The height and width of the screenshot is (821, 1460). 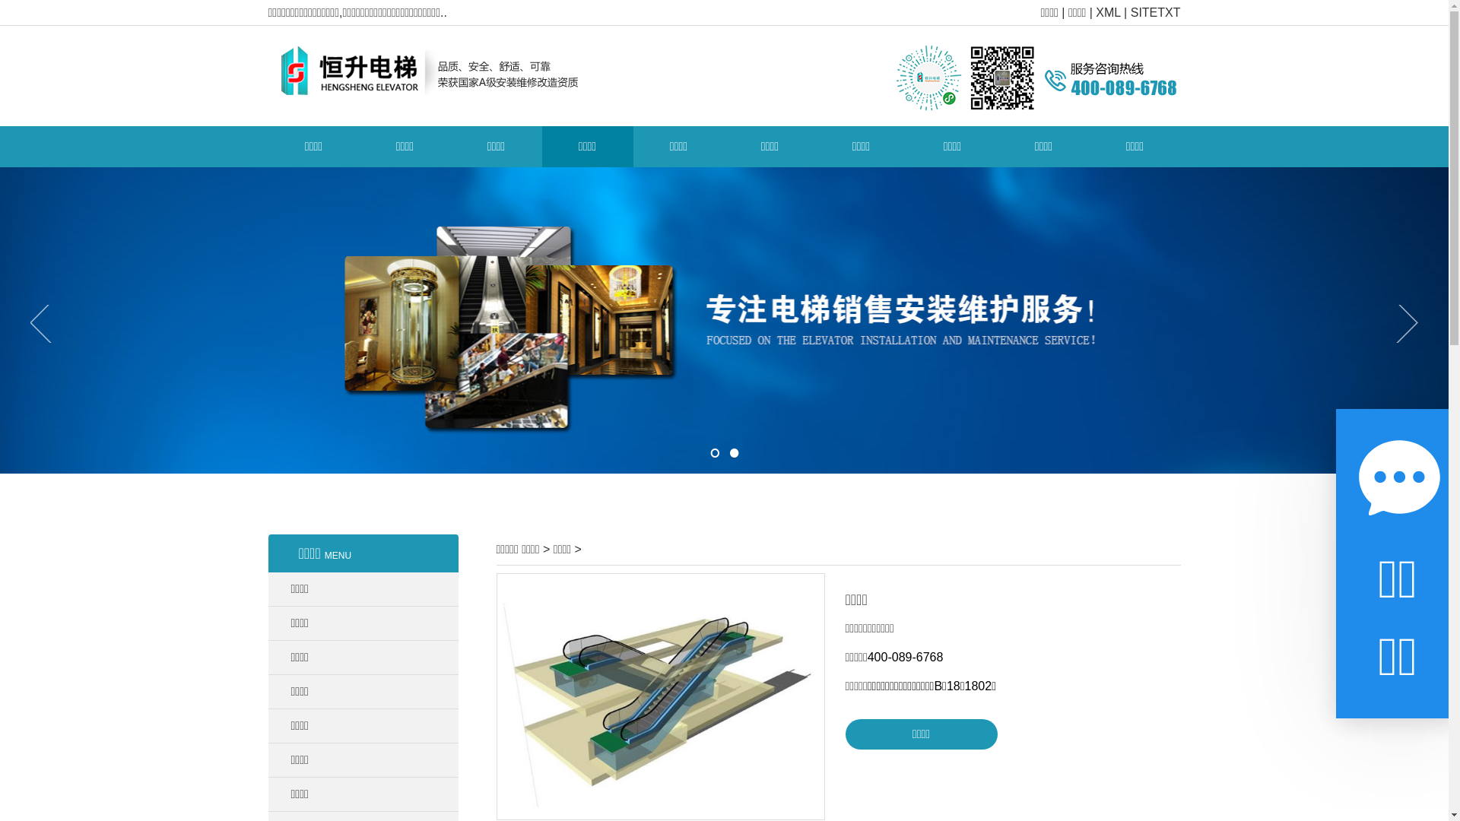 What do you see at coordinates (709, 452) in the screenshot?
I see `'1'` at bounding box center [709, 452].